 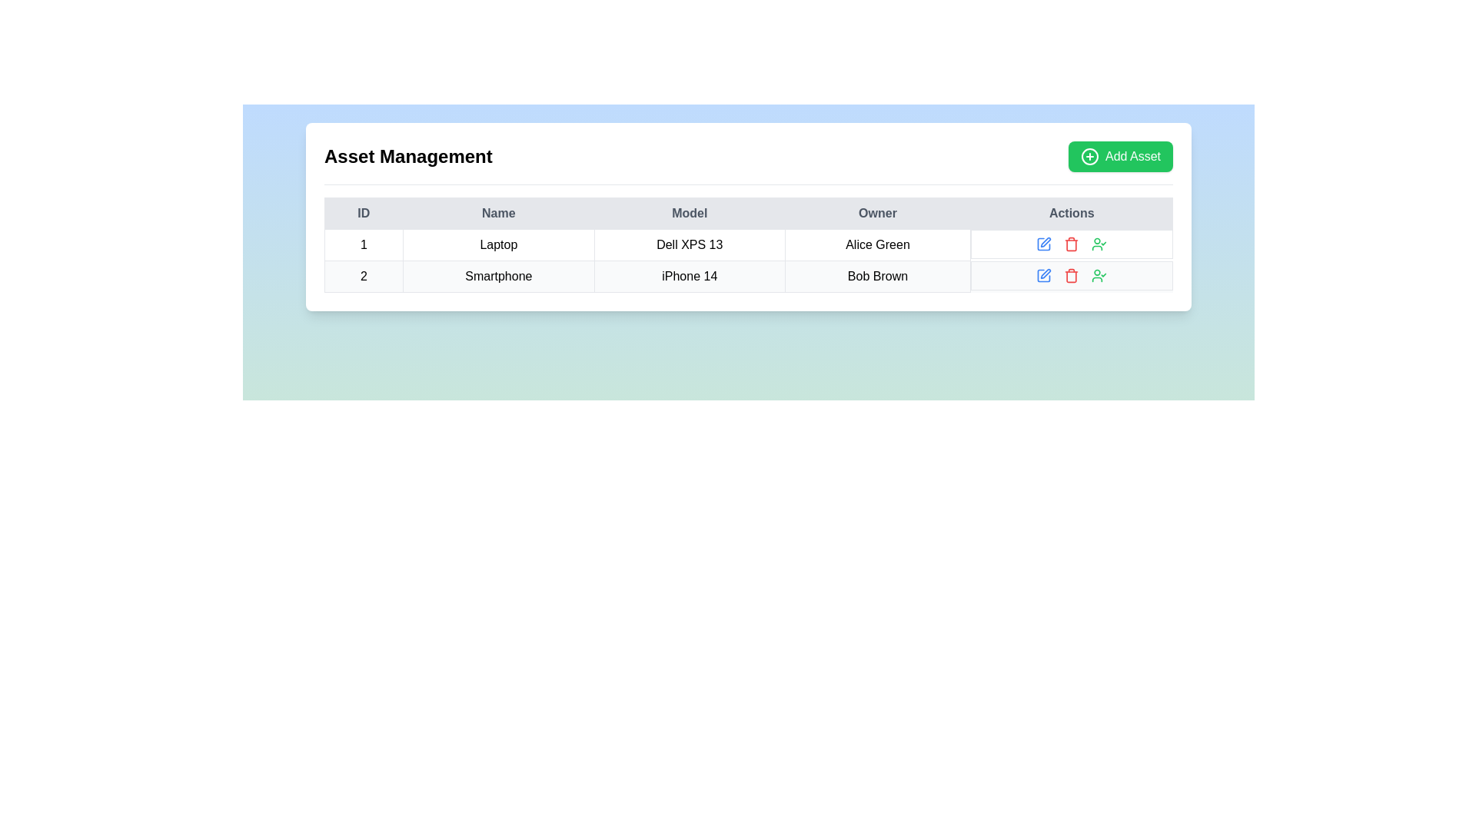 I want to click on the text label displaying 'iPhone 14' in the second row of the table under the 'Model' column, located between 'Smartphone' and 'Bob Brown', so click(x=689, y=275).